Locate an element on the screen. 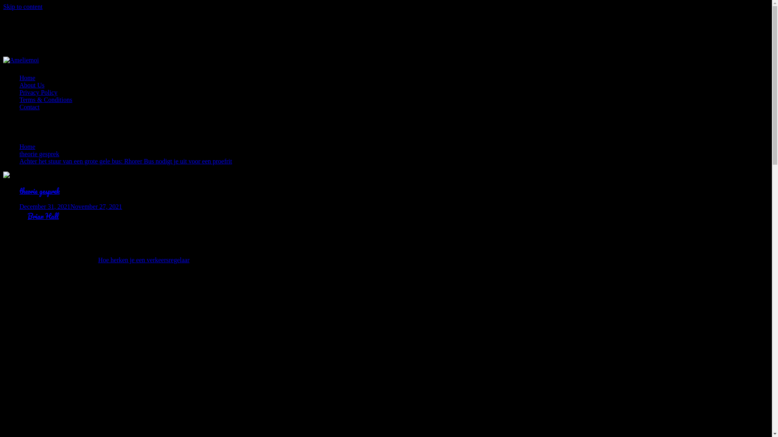 The image size is (778, 437). 'Home' is located at coordinates (27, 78).